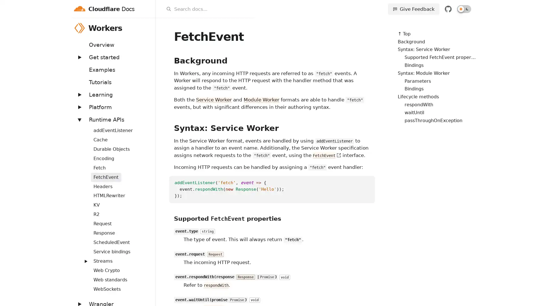 Image resolution: width=544 pixels, height=306 pixels. I want to click on Expand: Learning, so click(79, 94).